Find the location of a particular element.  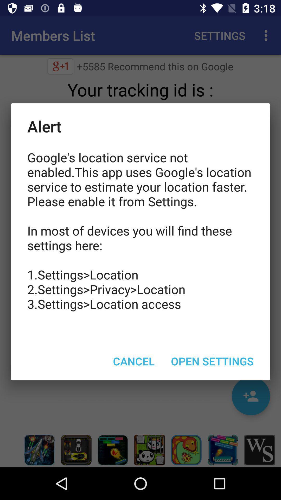

the cancel item is located at coordinates (133, 361).